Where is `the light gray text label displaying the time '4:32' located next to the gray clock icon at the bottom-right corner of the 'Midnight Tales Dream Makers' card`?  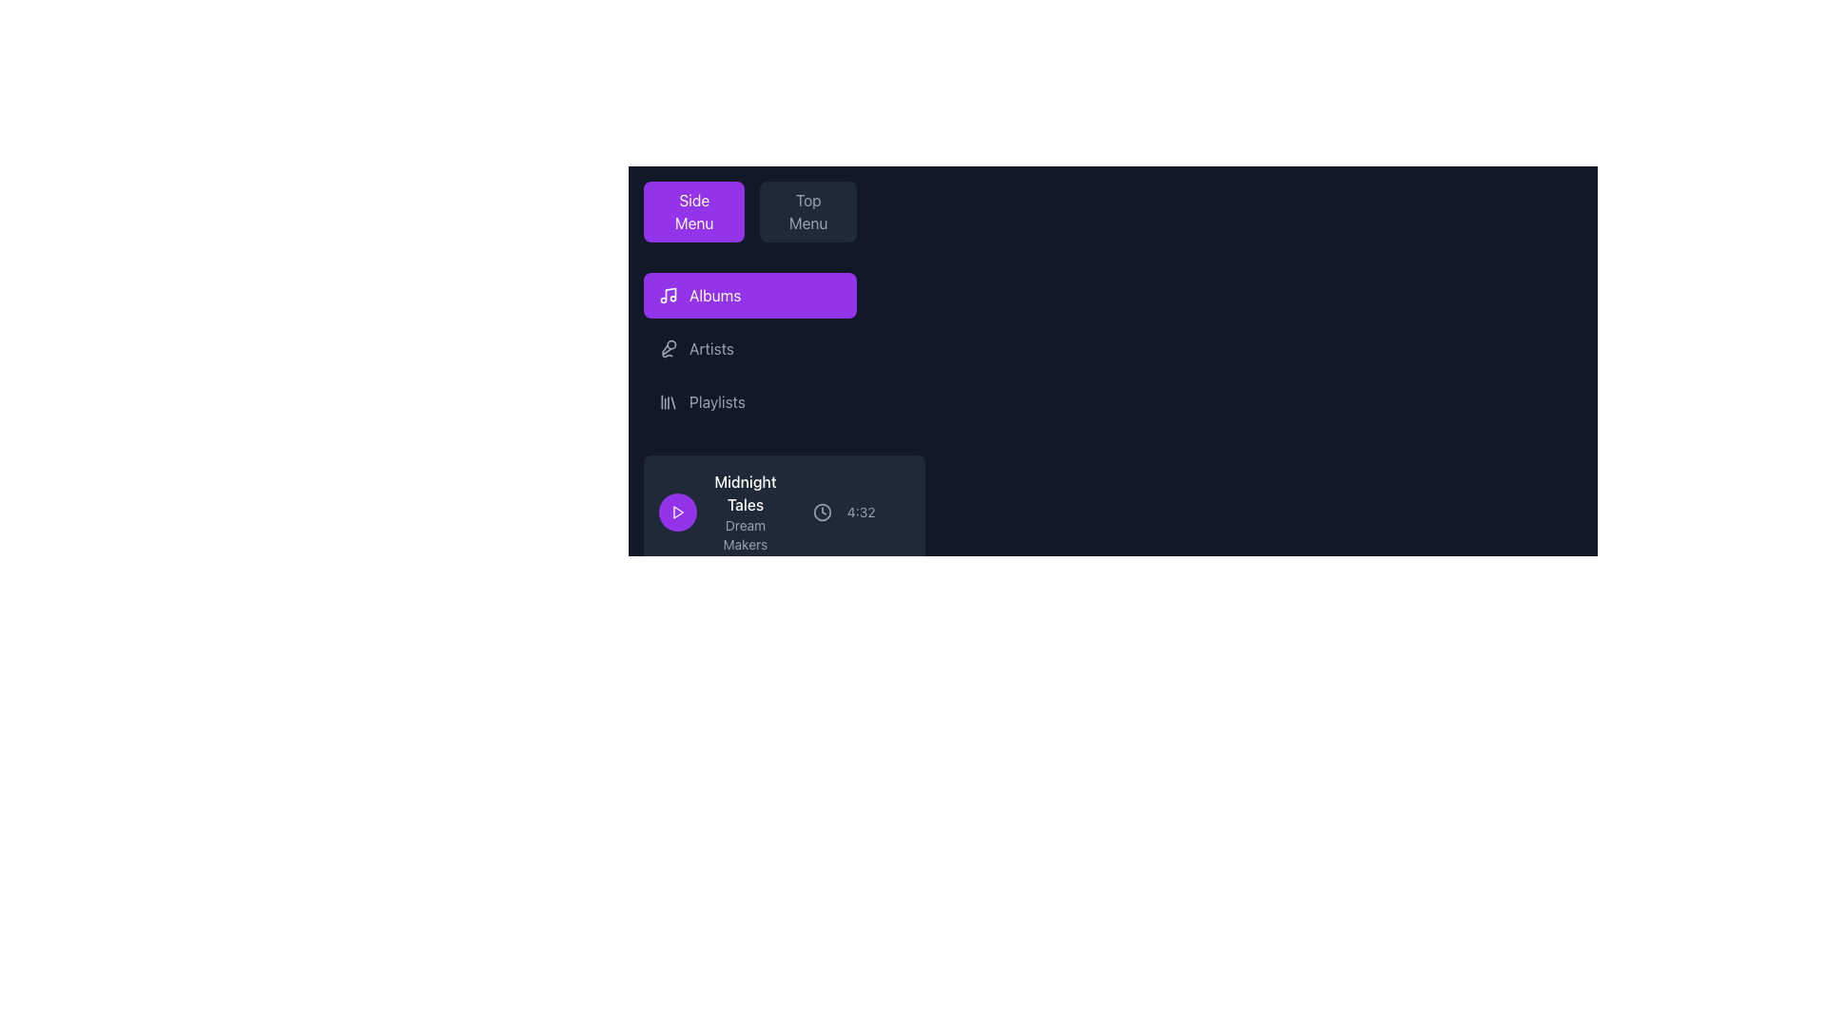
the light gray text label displaying the time '4:32' located next to the gray clock icon at the bottom-right corner of the 'Midnight Tales Dream Makers' card is located at coordinates (843, 512).